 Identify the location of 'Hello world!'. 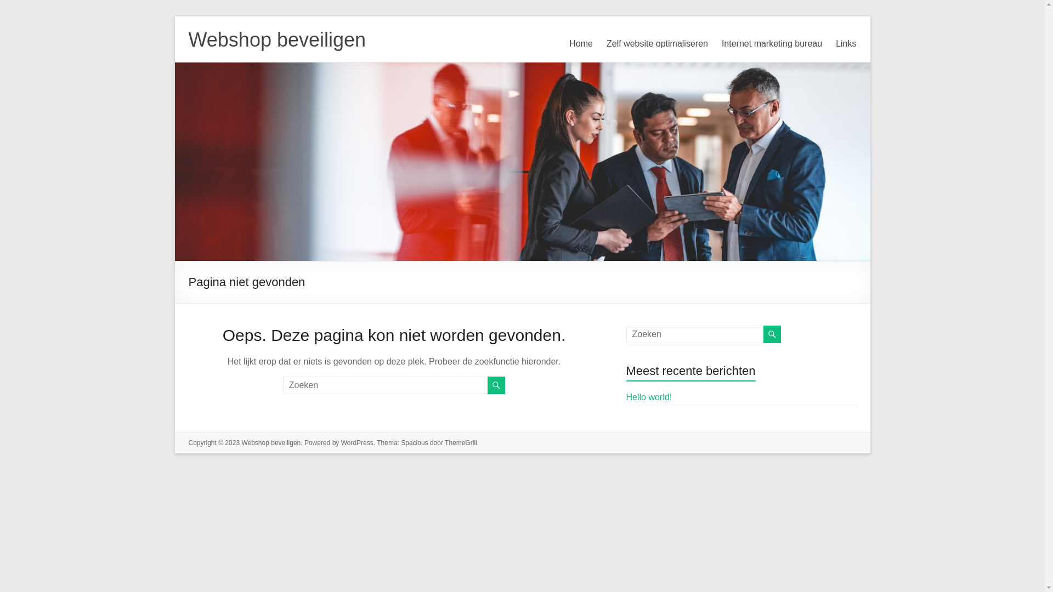
(626, 397).